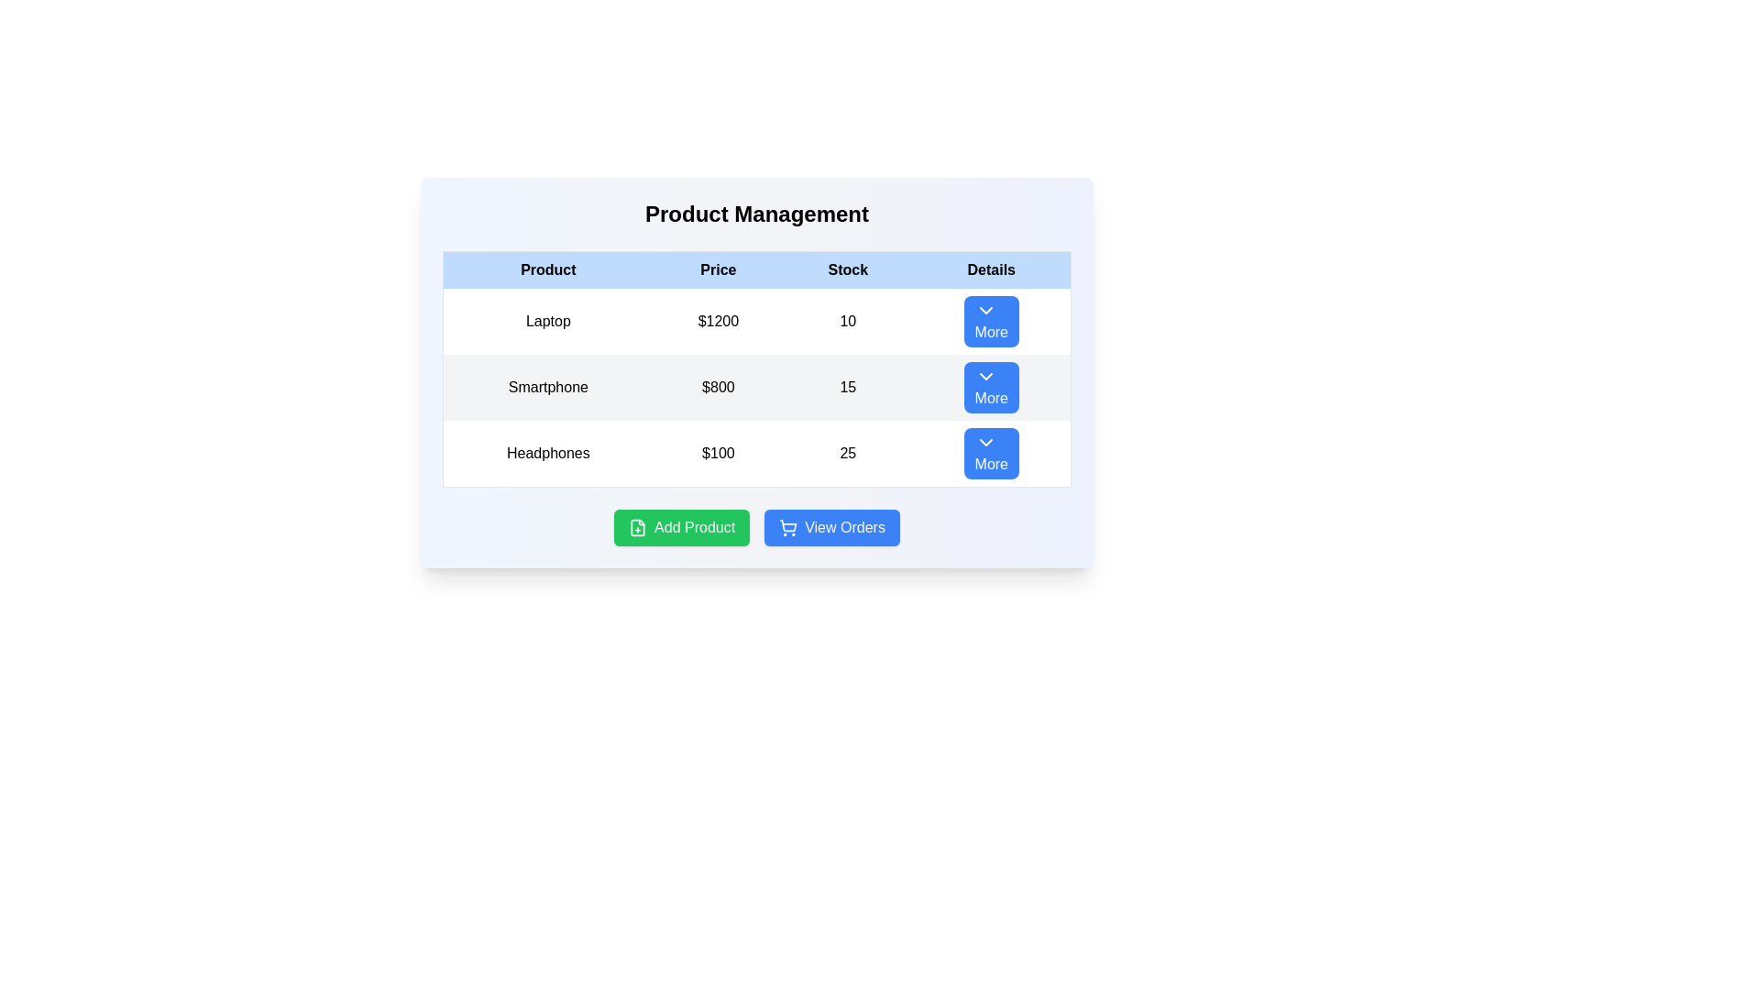  Describe the element at coordinates (847, 321) in the screenshot. I see `the static text label displaying the number '10' in bold black text, located in the 'Stock' column of the data table for the 'Laptop' product` at that location.